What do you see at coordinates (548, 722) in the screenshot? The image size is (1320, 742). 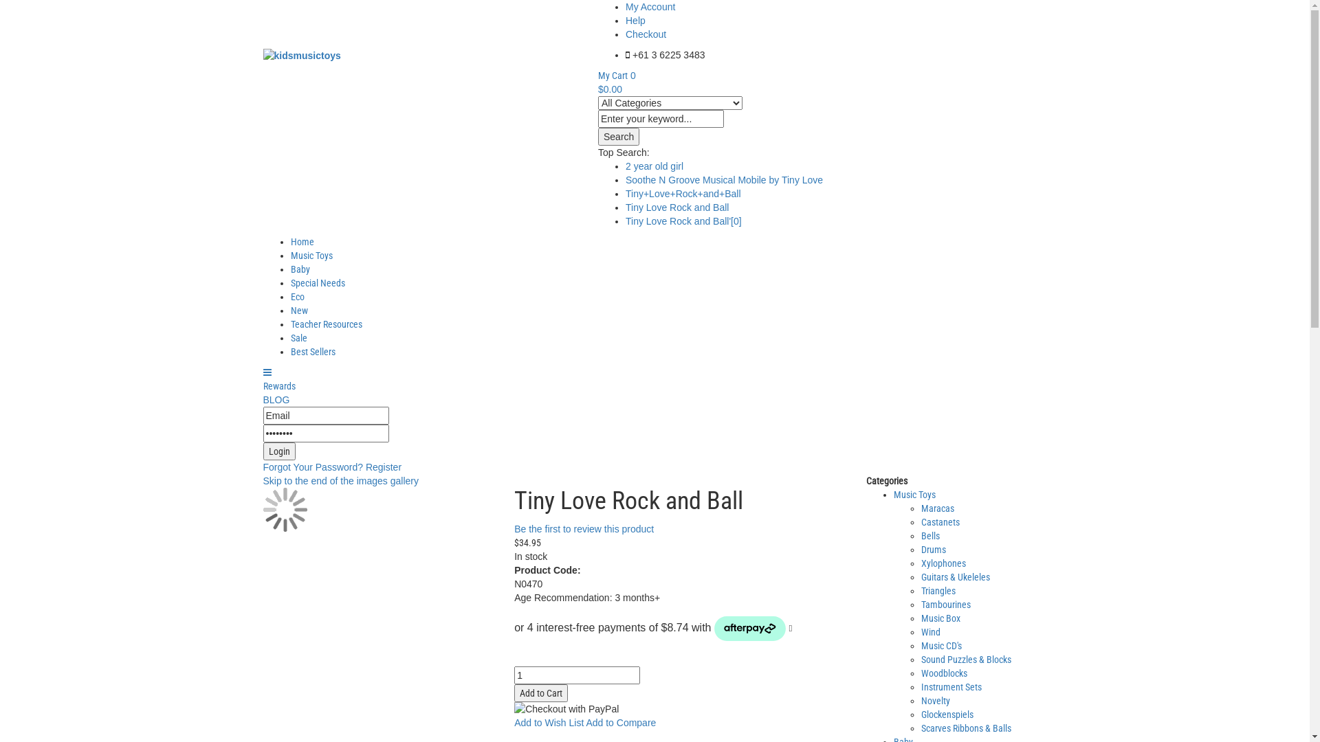 I see `'Add to Wish List'` at bounding box center [548, 722].